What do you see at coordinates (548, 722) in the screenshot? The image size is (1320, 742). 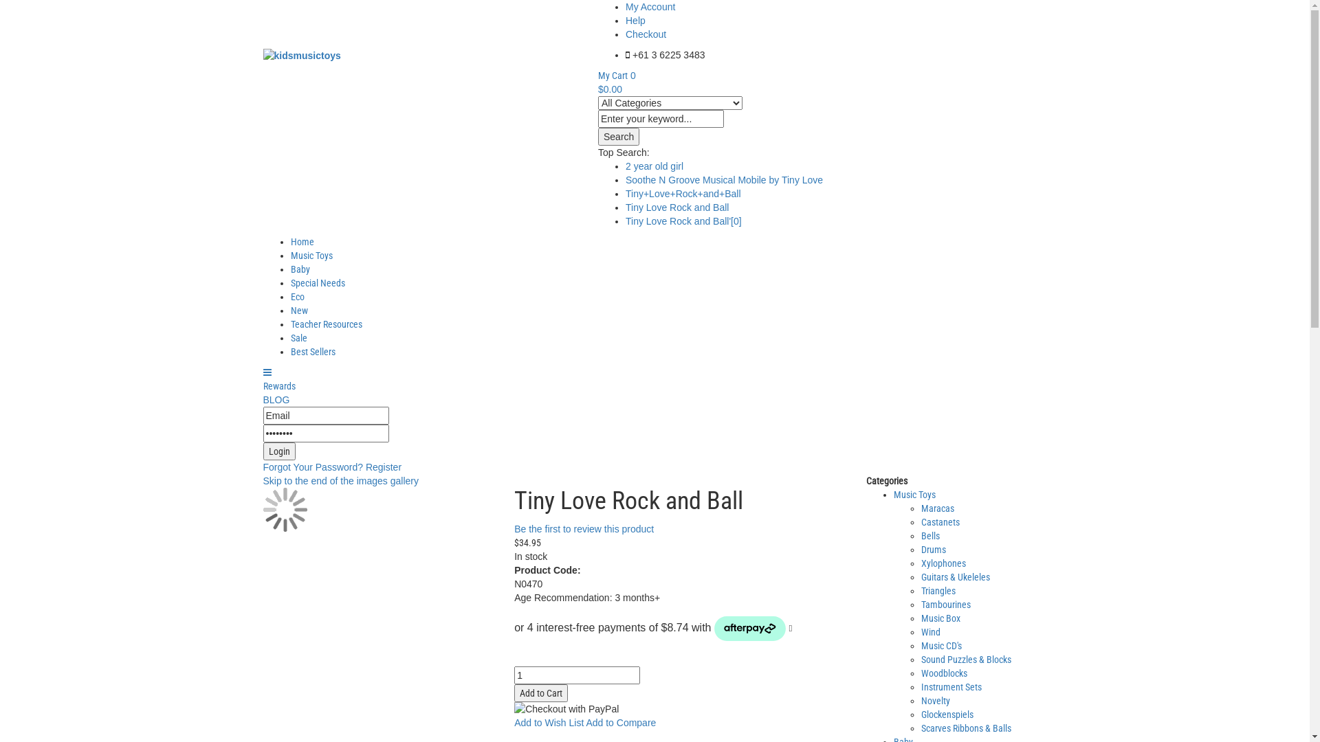 I see `'Add to Wish List'` at bounding box center [548, 722].